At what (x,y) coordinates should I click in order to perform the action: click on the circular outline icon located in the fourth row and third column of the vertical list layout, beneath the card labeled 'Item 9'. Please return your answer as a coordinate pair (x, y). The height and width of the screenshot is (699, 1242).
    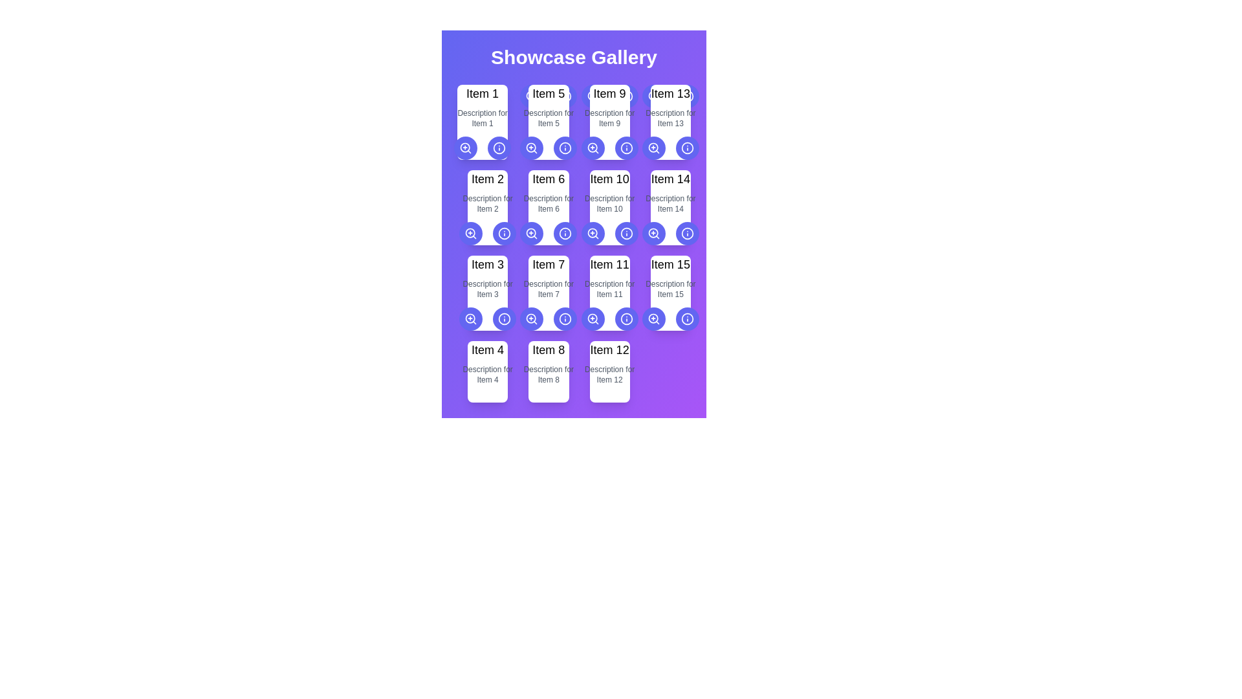
    Looking at the image, I should click on (565, 147).